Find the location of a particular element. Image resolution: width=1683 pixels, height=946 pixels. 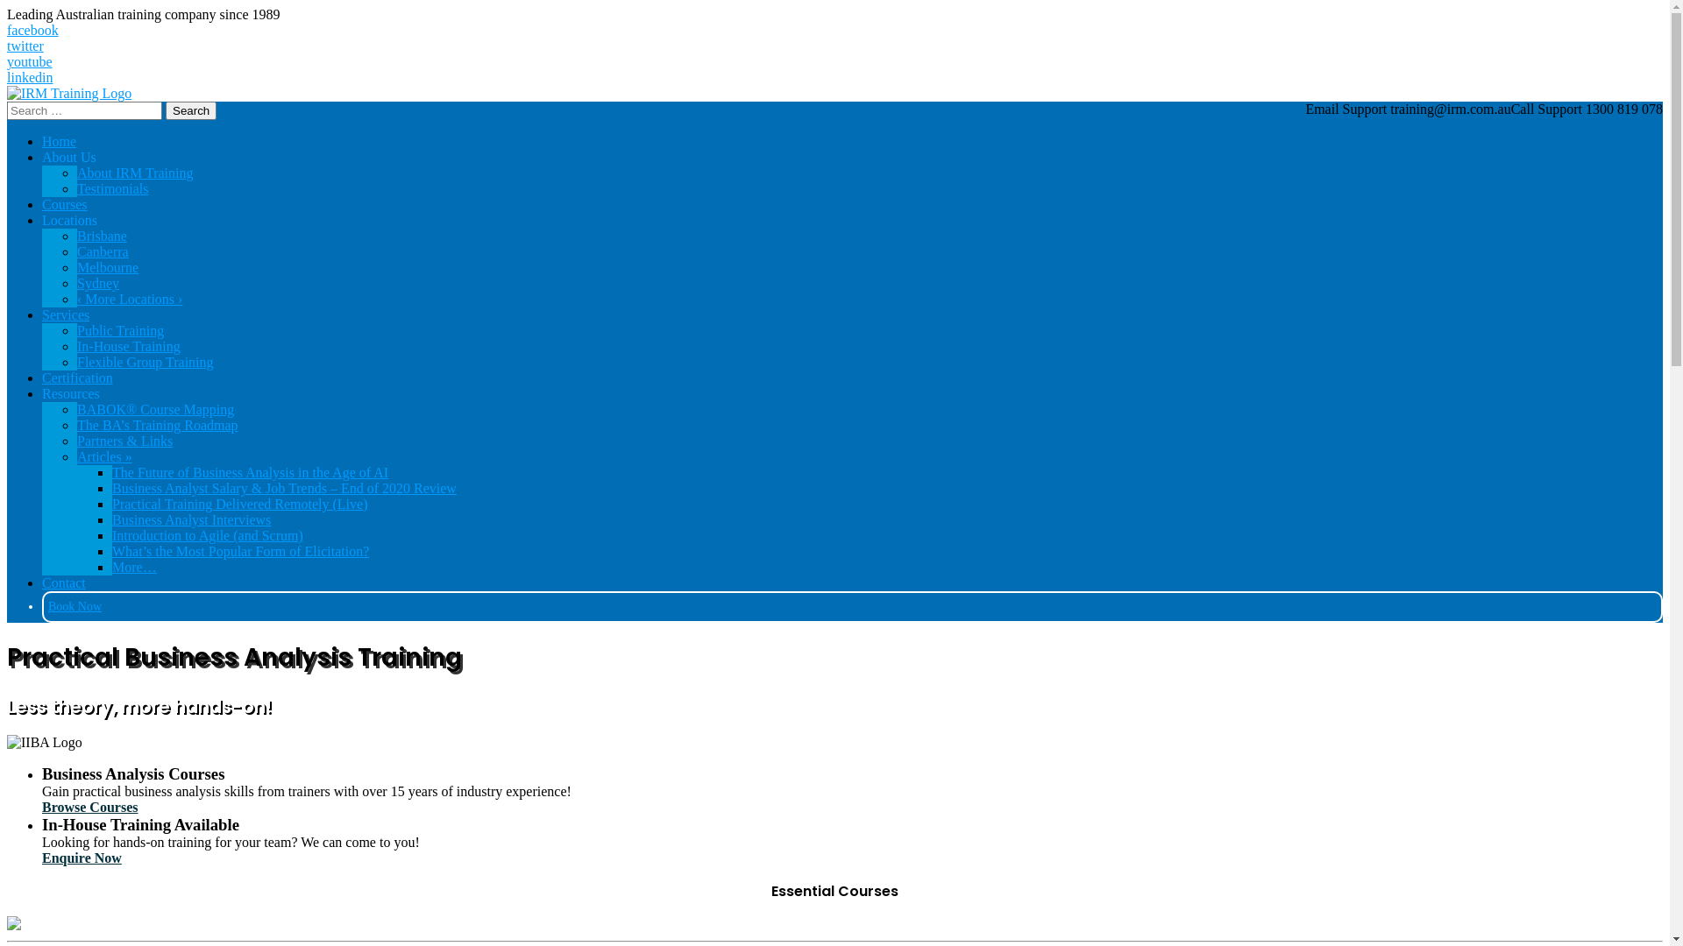

'Sydney' is located at coordinates (75, 282).